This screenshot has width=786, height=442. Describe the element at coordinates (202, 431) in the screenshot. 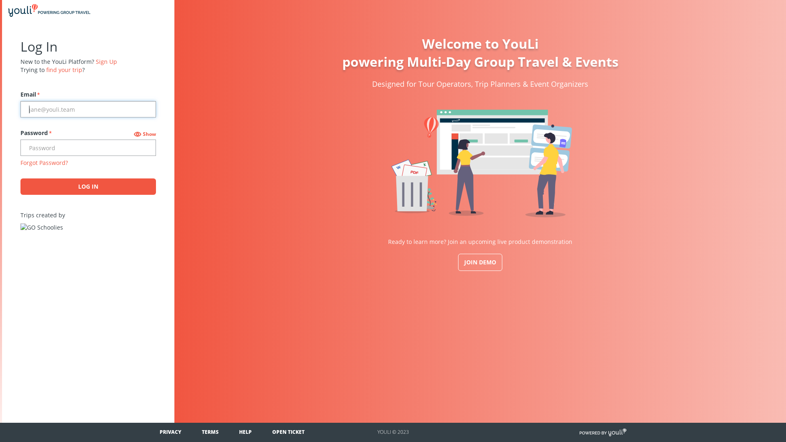

I see `'TERMS'` at that location.